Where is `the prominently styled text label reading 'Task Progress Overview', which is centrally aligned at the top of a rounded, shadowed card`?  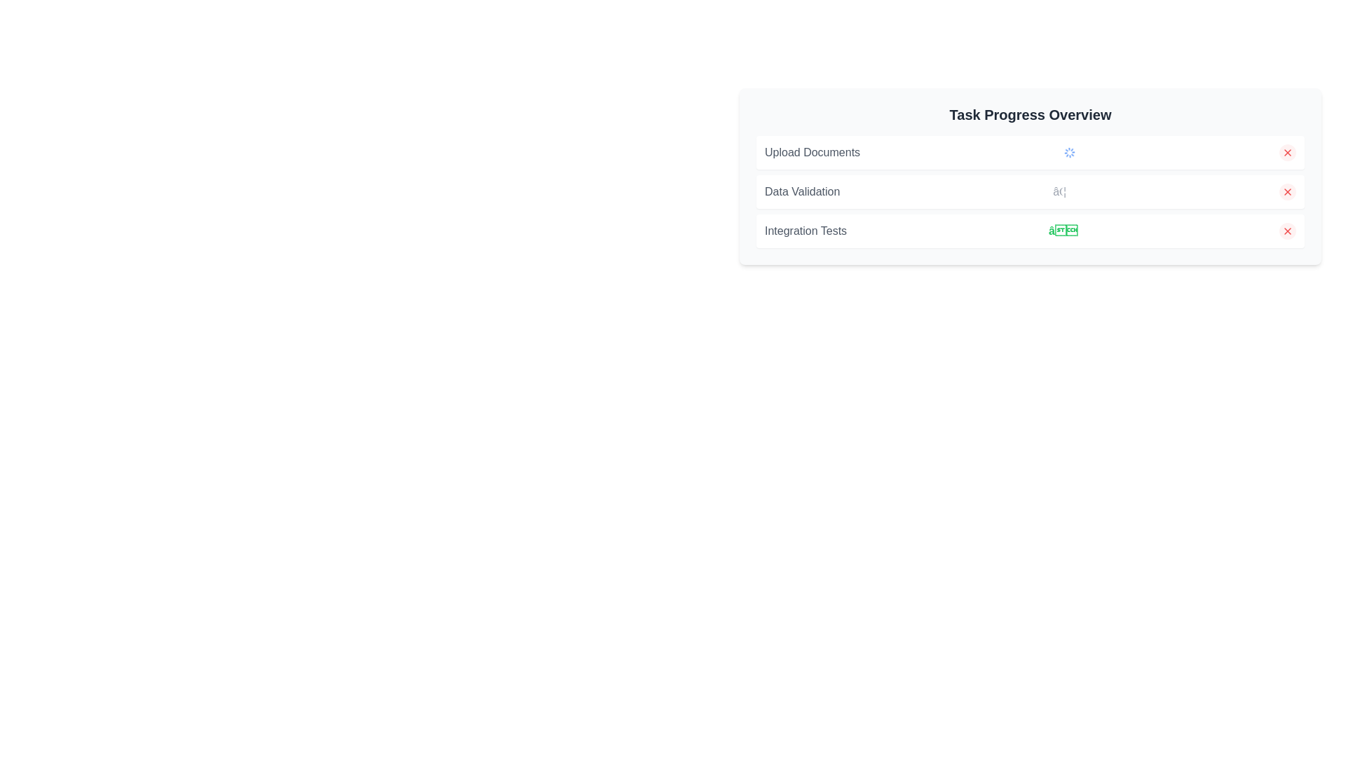 the prominently styled text label reading 'Task Progress Overview', which is centrally aligned at the top of a rounded, shadowed card is located at coordinates (1030, 114).